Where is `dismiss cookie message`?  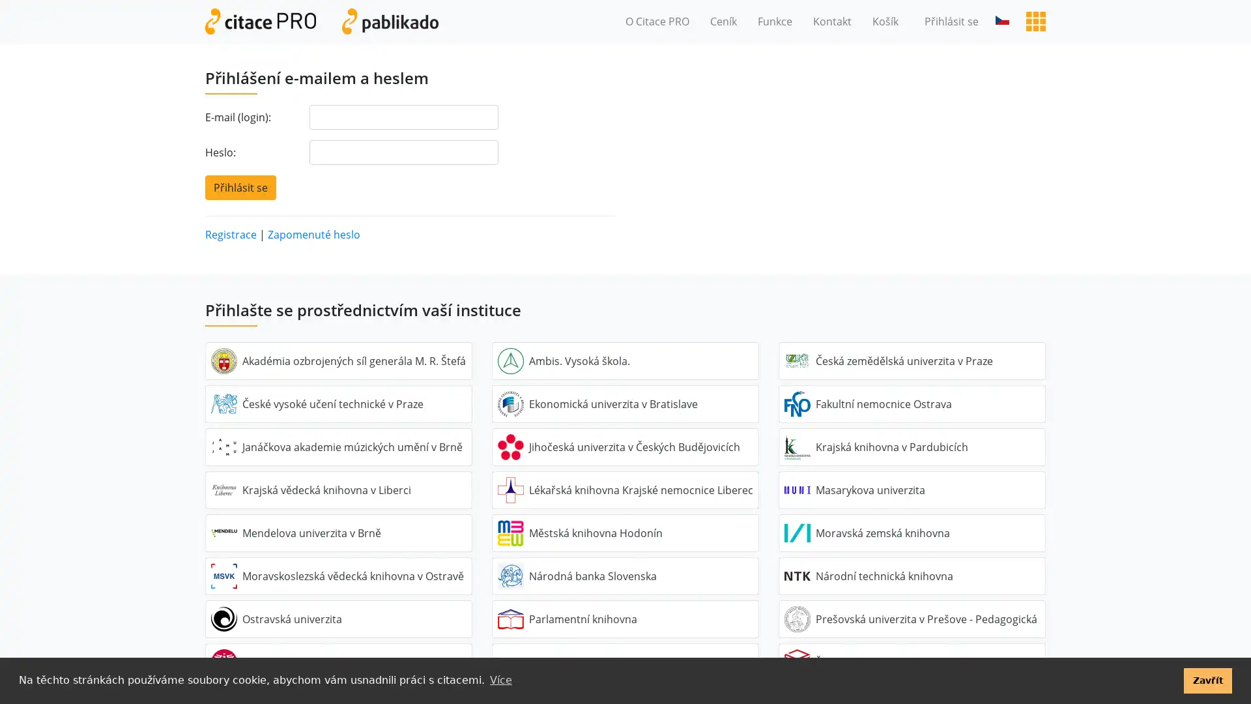 dismiss cookie message is located at coordinates (1207, 680).